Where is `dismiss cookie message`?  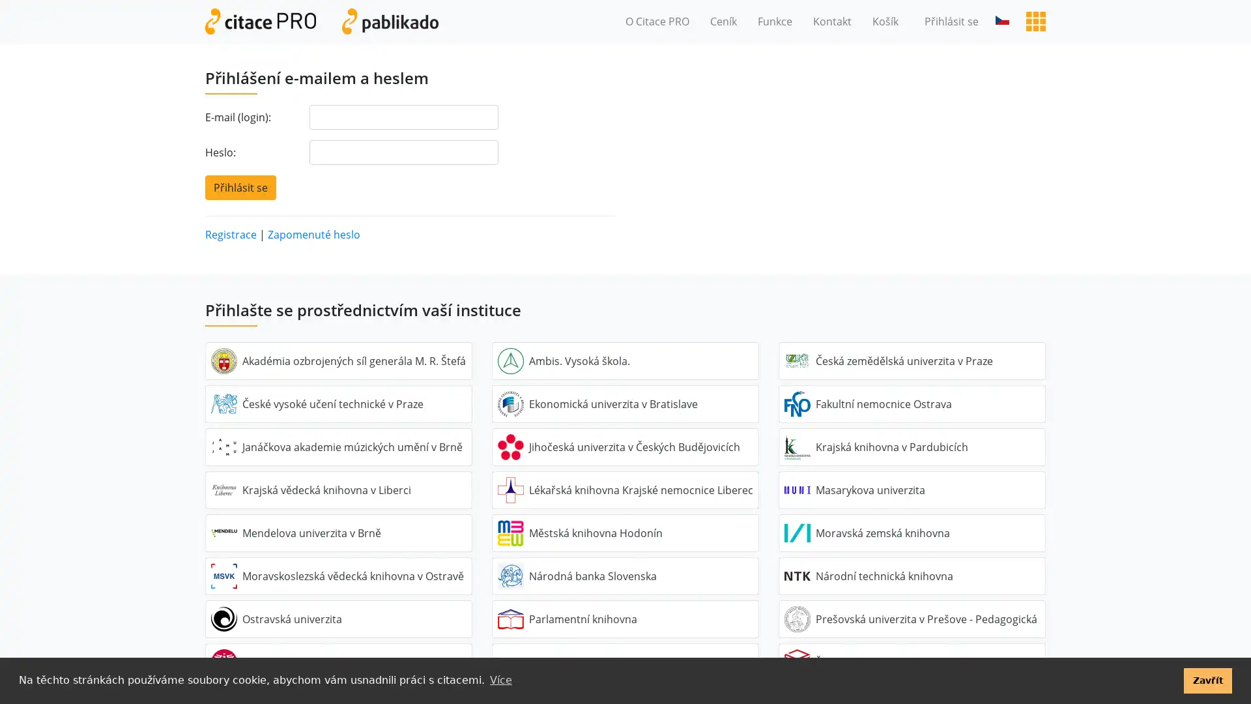 dismiss cookie message is located at coordinates (1207, 680).